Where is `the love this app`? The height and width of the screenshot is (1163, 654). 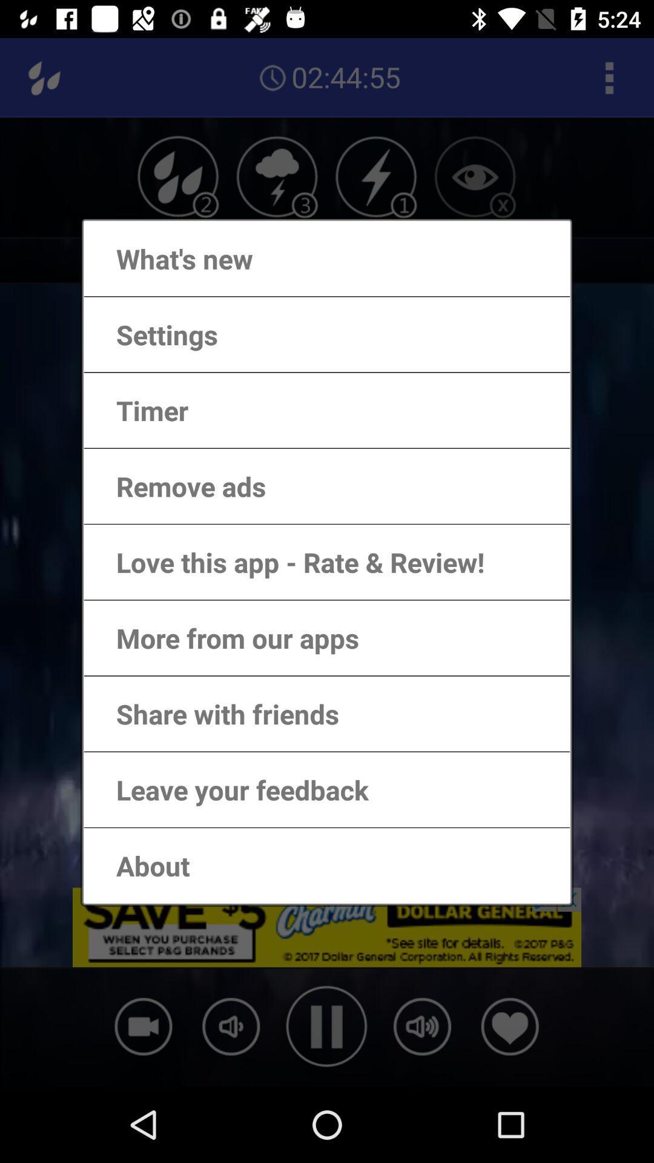
the love this app is located at coordinates (288, 562).